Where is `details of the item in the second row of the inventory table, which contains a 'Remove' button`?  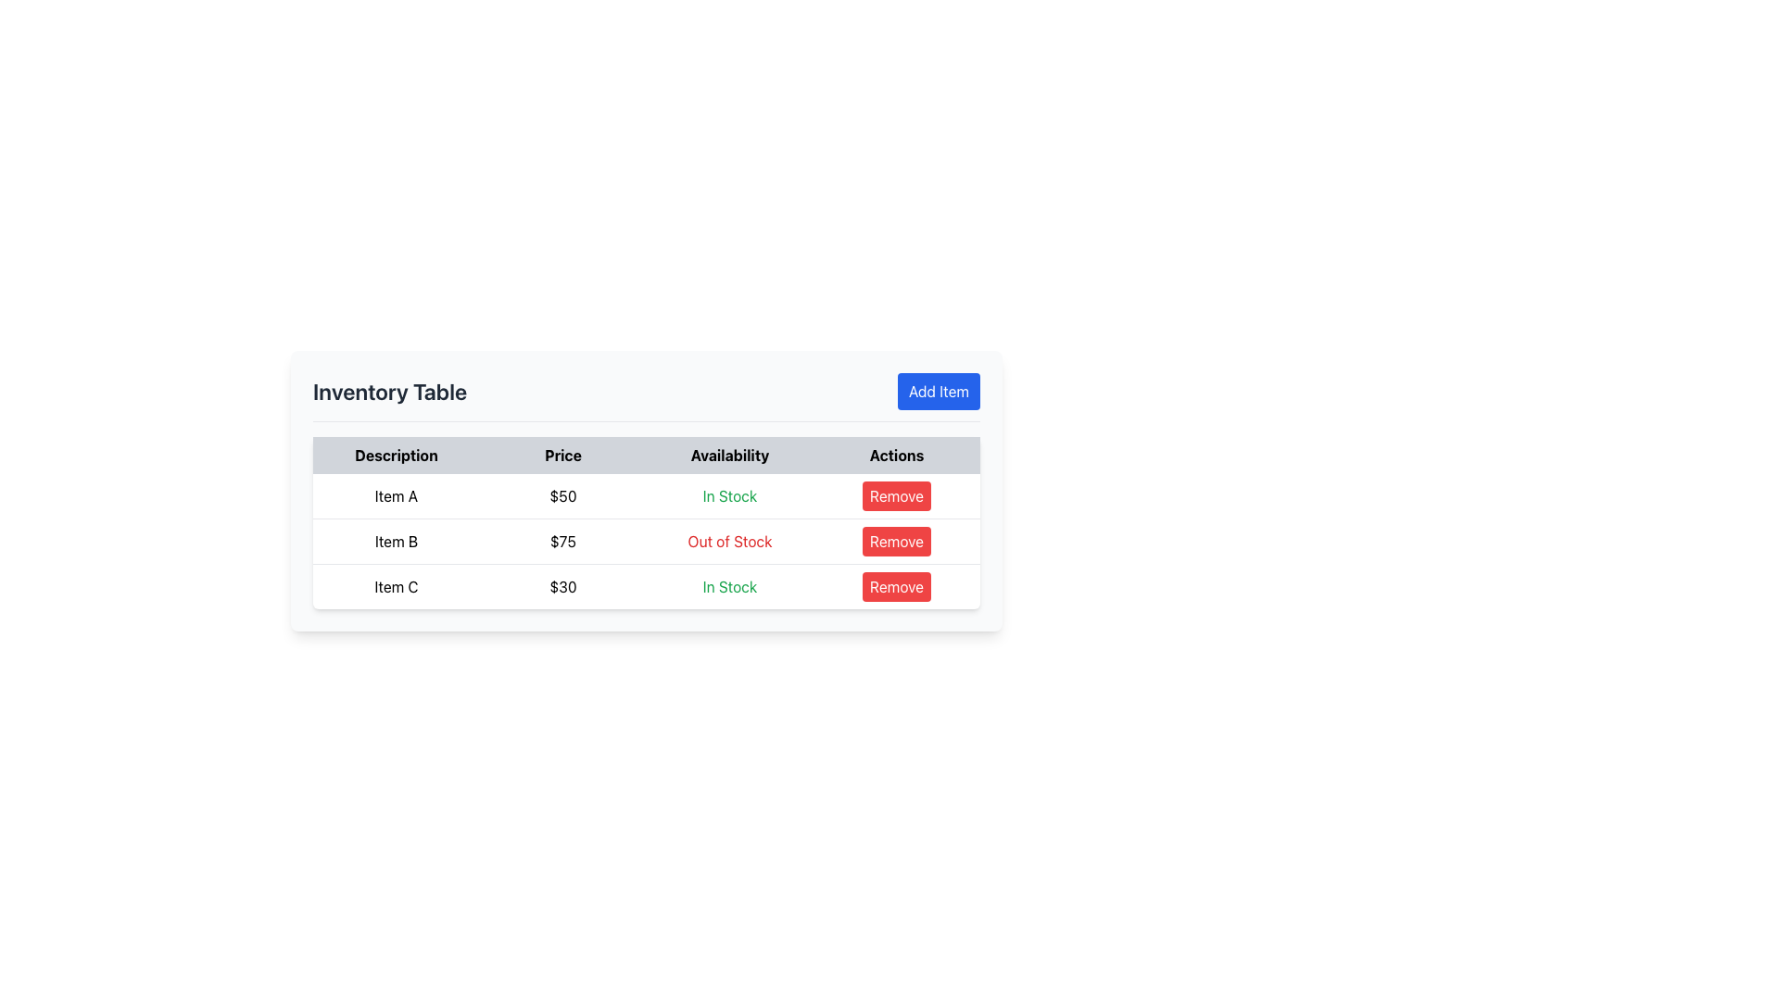 details of the item in the second row of the inventory table, which contains a 'Remove' button is located at coordinates (646, 542).